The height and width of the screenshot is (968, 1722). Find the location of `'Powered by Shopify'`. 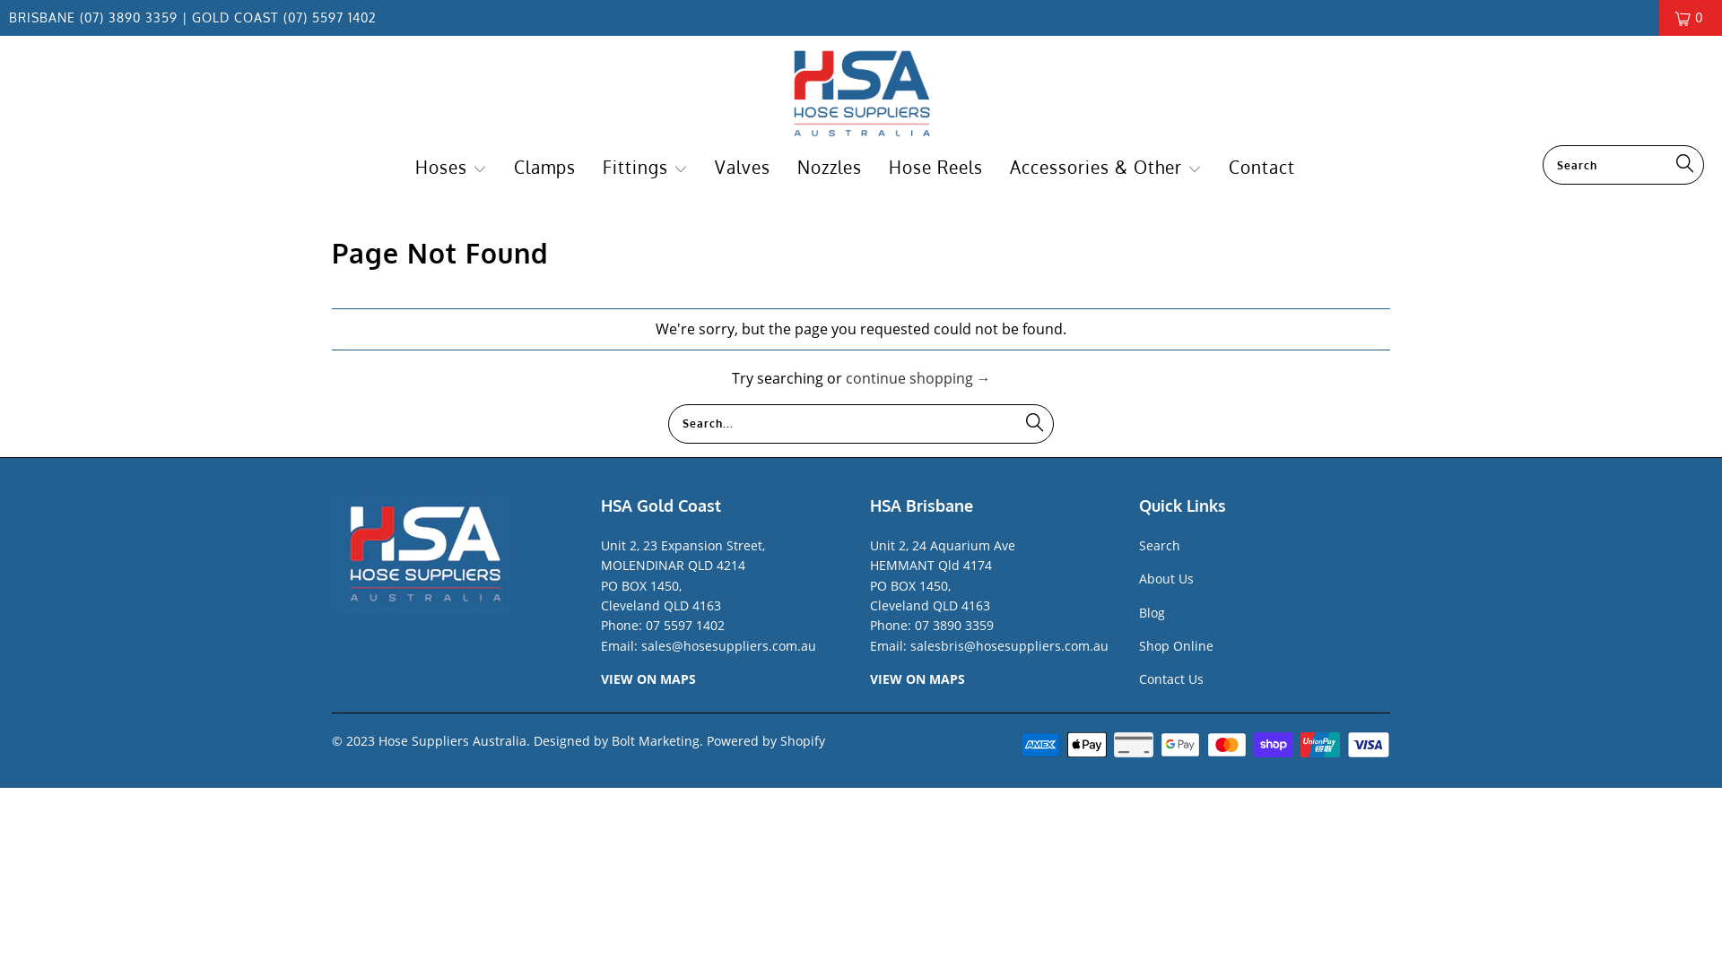

'Powered by Shopify' is located at coordinates (766, 740).